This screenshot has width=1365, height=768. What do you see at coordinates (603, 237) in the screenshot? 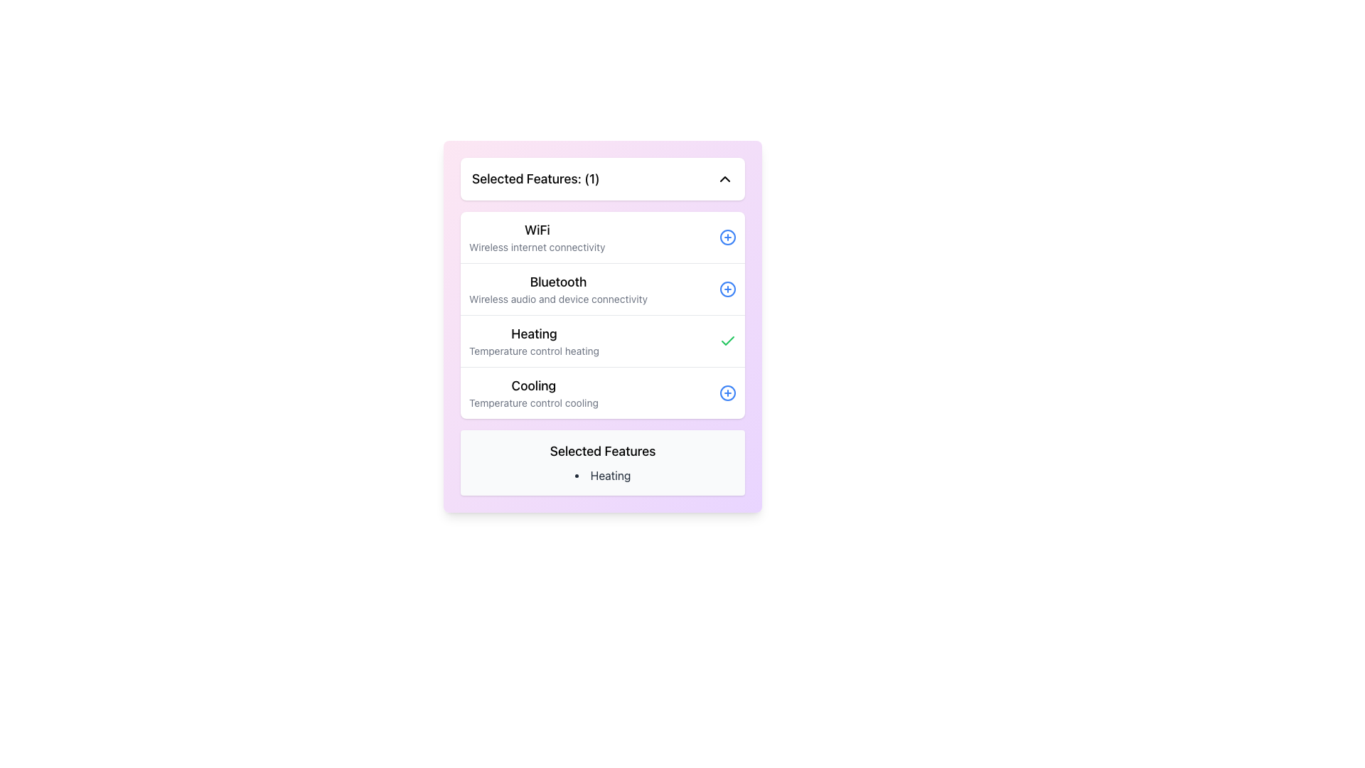
I see `the selectable item titled 'WiFi'` at bounding box center [603, 237].